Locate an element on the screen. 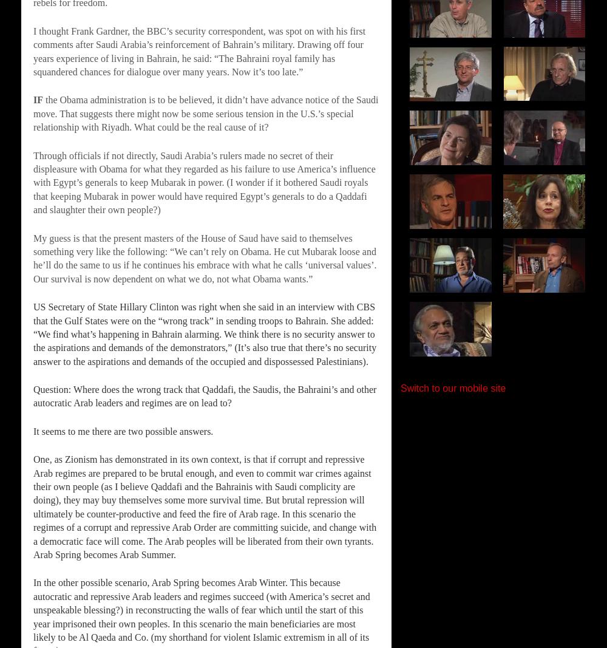  'My guess is that the present masters of the House of Saud have said to themselves something very like the following: “We can’t rely on Obama. He cut Mubarak loose and he’ll do the same to us if he continues his embrace with what he calls ‘universal values’. Our survival is now dependent on what we do, not what Obama wants.”' is located at coordinates (33, 257).